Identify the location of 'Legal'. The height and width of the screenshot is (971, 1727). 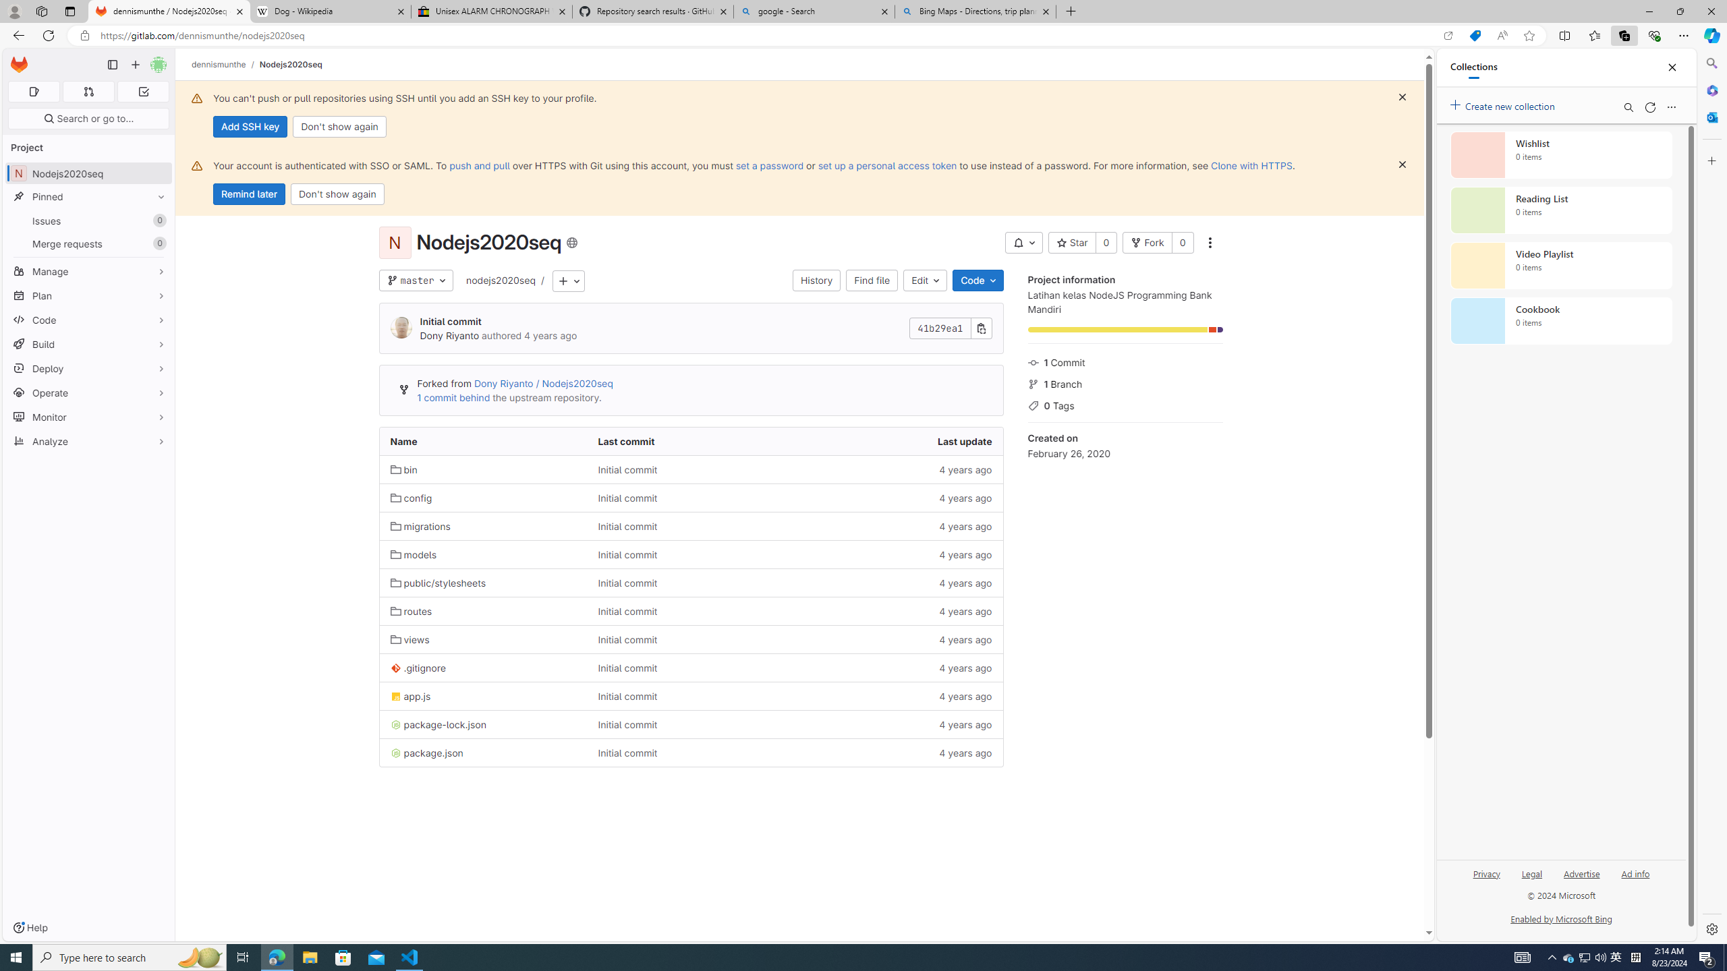
(1531, 873).